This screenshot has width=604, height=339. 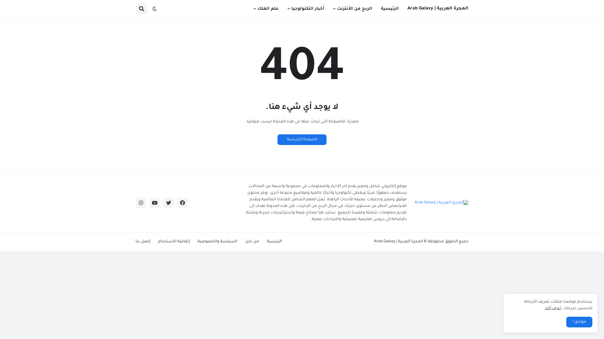 I want to click on 'youtube', so click(x=154, y=203).